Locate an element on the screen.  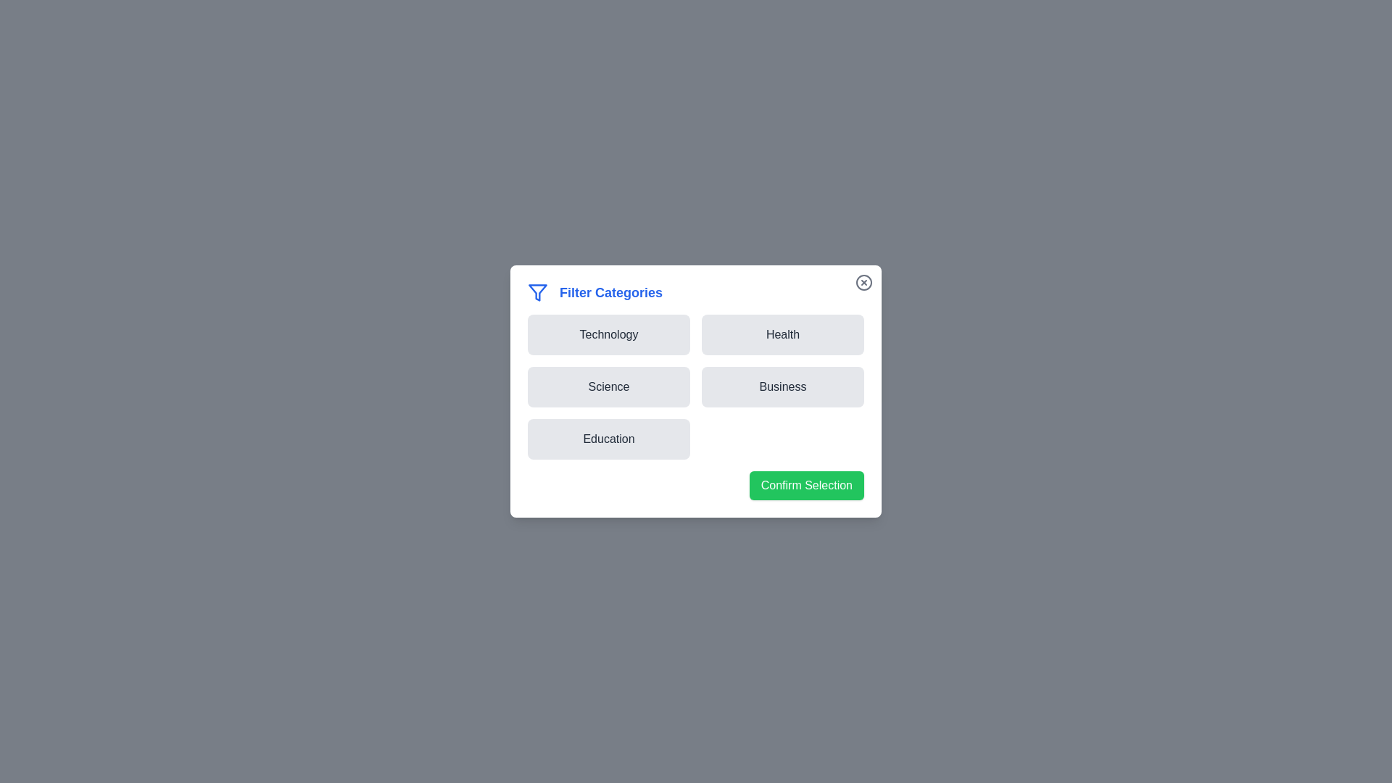
the 'Confirm Selection' button to confirm the selected category is located at coordinates (805, 486).